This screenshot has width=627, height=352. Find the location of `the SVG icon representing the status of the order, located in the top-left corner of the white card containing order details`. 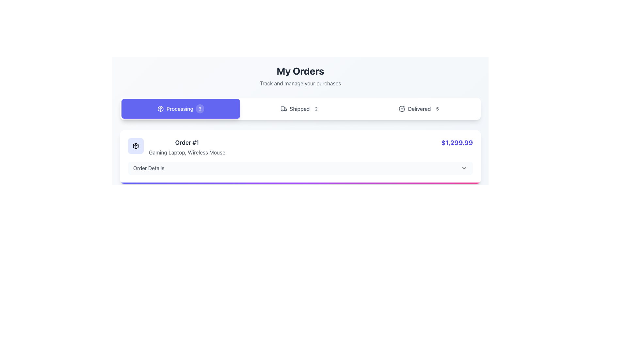

the SVG icon representing the status of the order, located in the top-left corner of the white card containing order details is located at coordinates (136, 145).